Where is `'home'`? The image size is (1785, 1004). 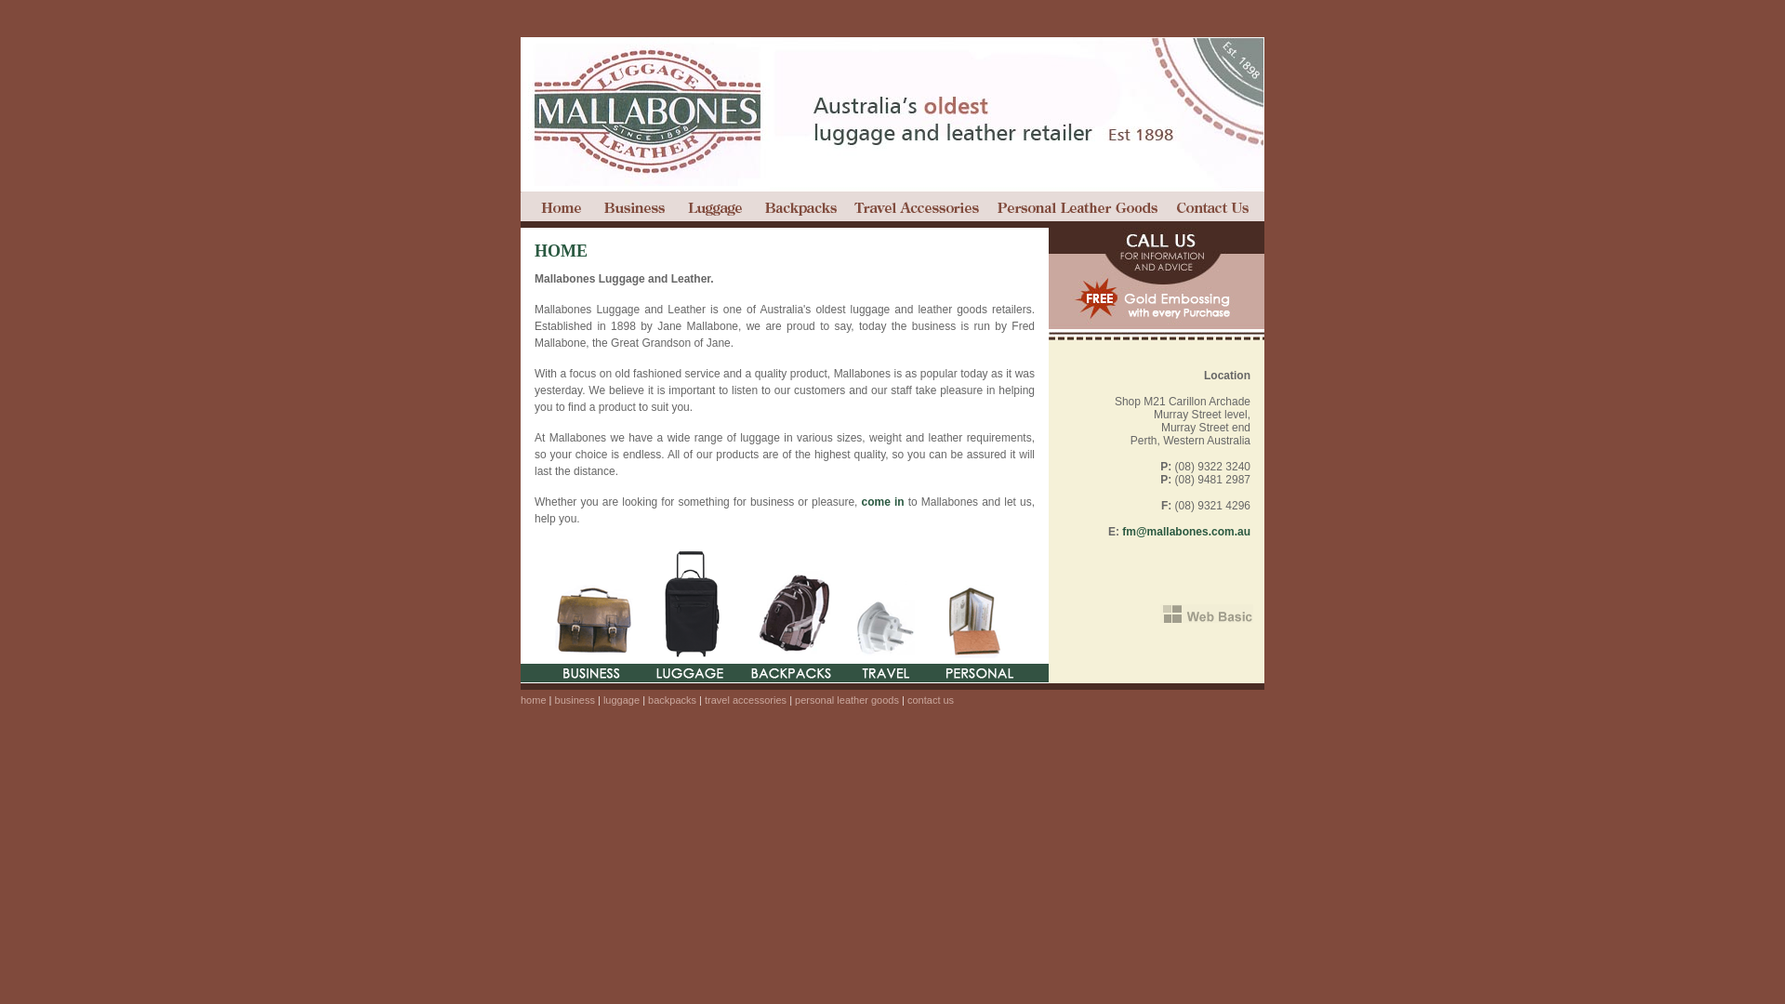
'home' is located at coordinates (557, 209).